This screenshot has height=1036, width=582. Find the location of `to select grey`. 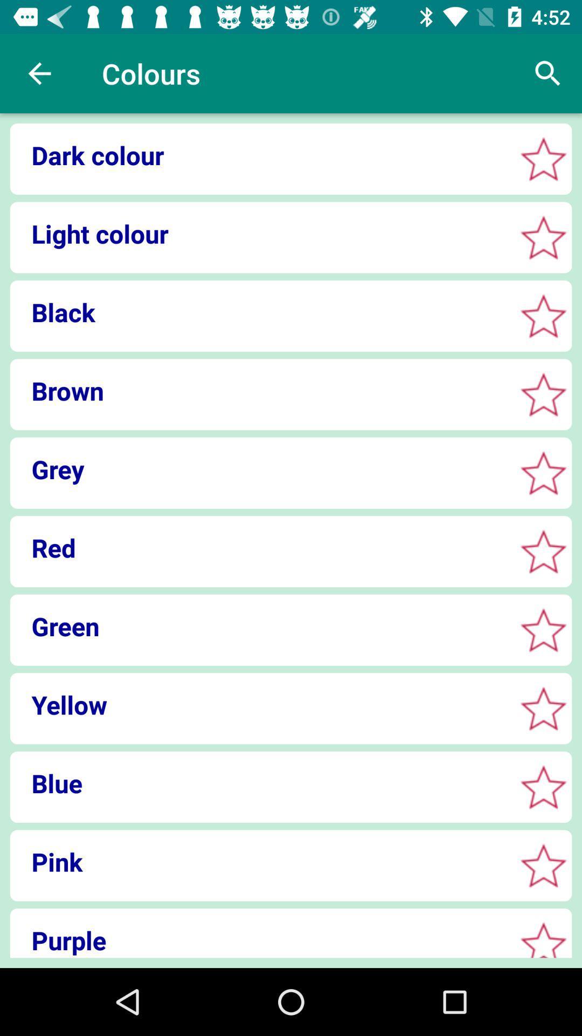

to select grey is located at coordinates (543, 473).